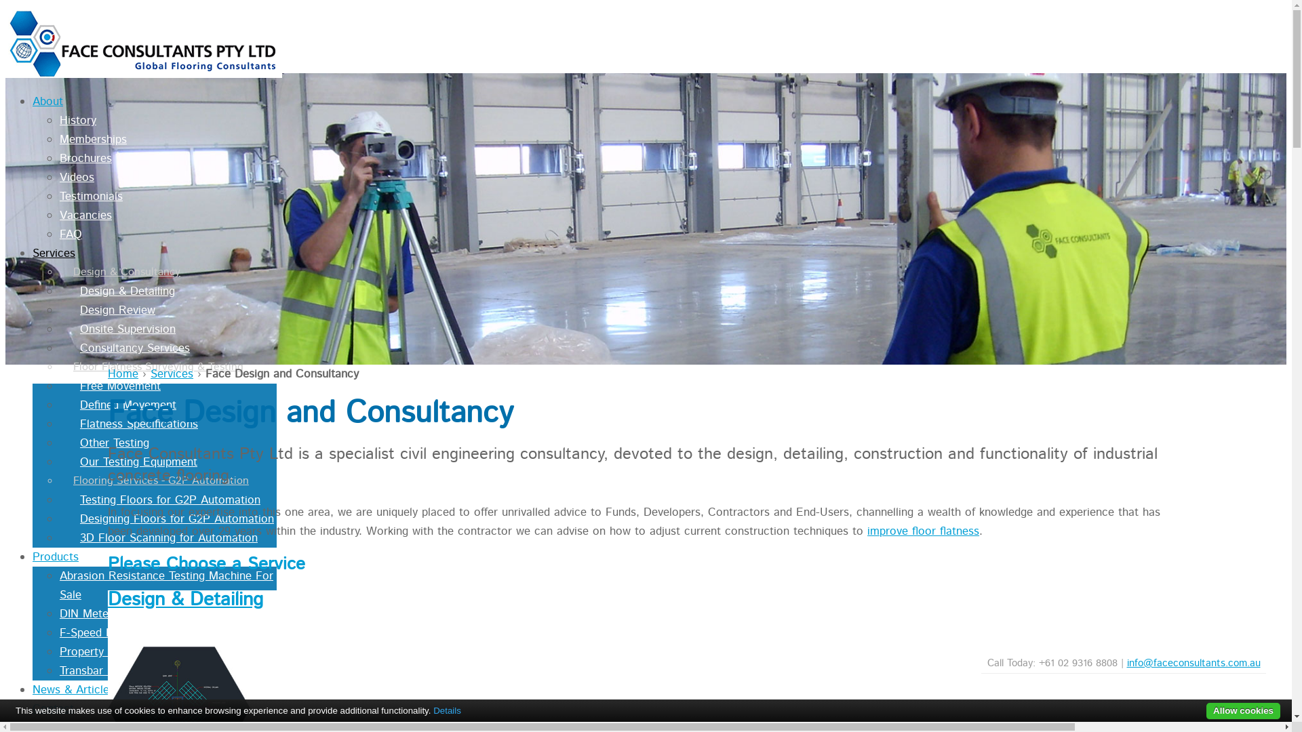  Describe the element at coordinates (70, 234) in the screenshot. I see `'FAQ'` at that location.